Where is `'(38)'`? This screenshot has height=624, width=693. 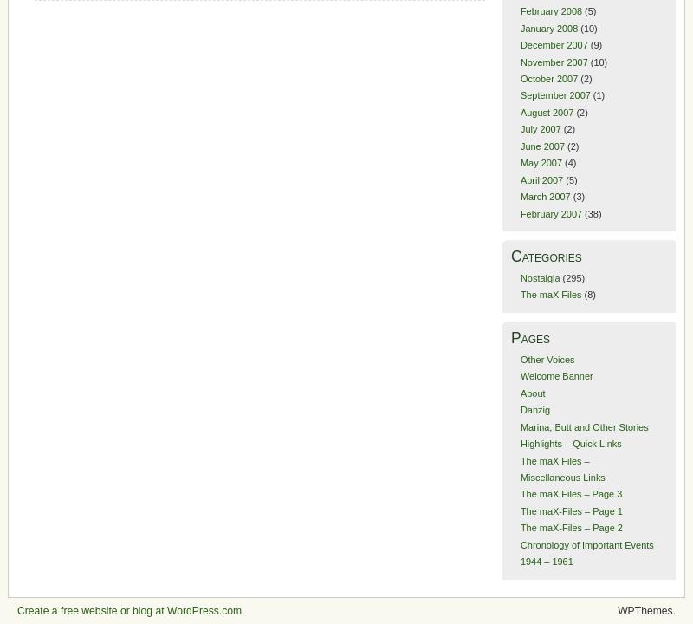
'(38)' is located at coordinates (592, 212).